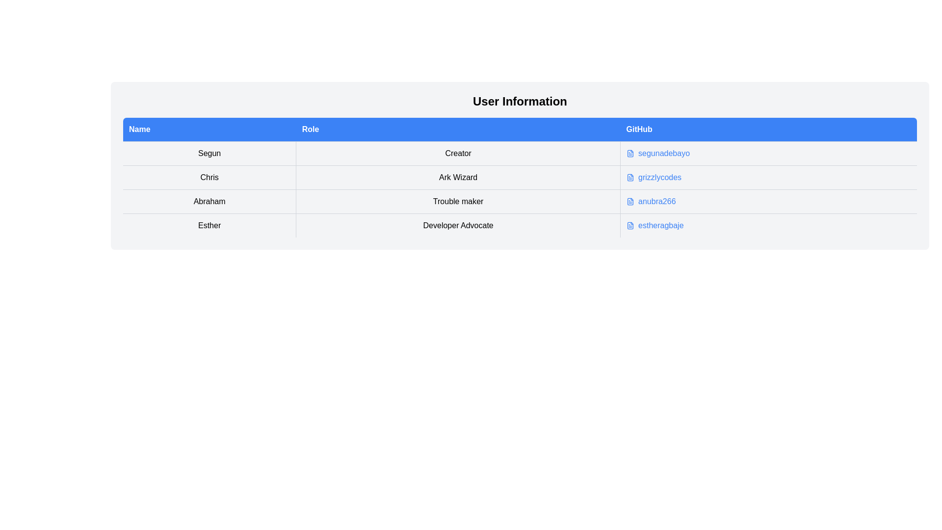 This screenshot has width=942, height=530. I want to click on text from the table cell containing 'Creator', which is styled with a gray border and light background, located in the first row under the 'Role' column, so click(458, 153).